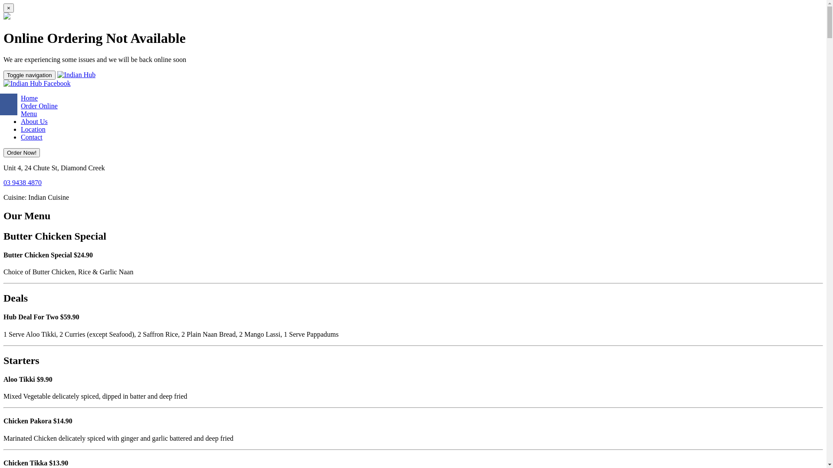 The image size is (833, 468). Describe the element at coordinates (8, 104) in the screenshot. I see `'Share on Facebook'` at that location.